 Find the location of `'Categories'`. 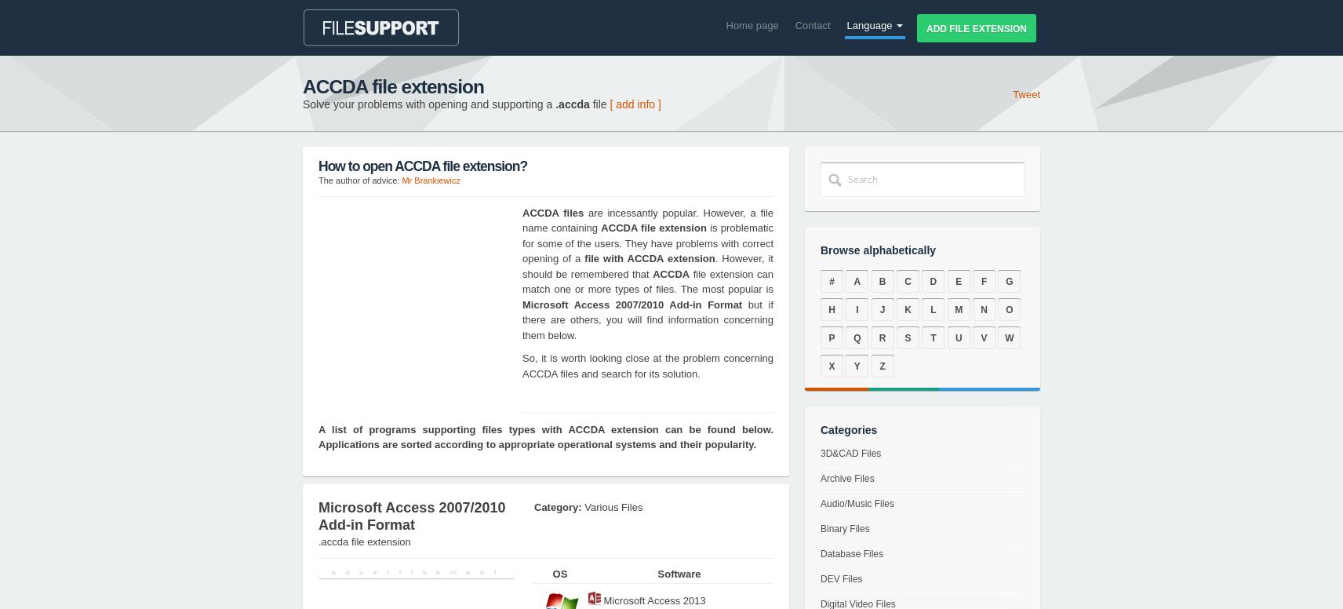

'Categories' is located at coordinates (820, 429).